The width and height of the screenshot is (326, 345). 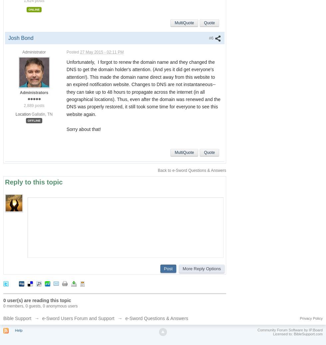 What do you see at coordinates (192, 170) in the screenshot?
I see `'Back to e-Sword Questions & Answers'` at bounding box center [192, 170].